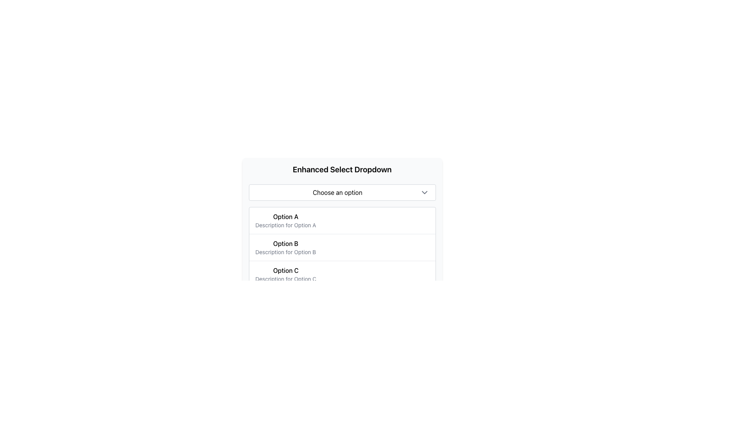 The height and width of the screenshot is (421, 748). What do you see at coordinates (288, 248) in the screenshot?
I see `the List Item labeled 'Option B' in the dropdown menu` at bounding box center [288, 248].